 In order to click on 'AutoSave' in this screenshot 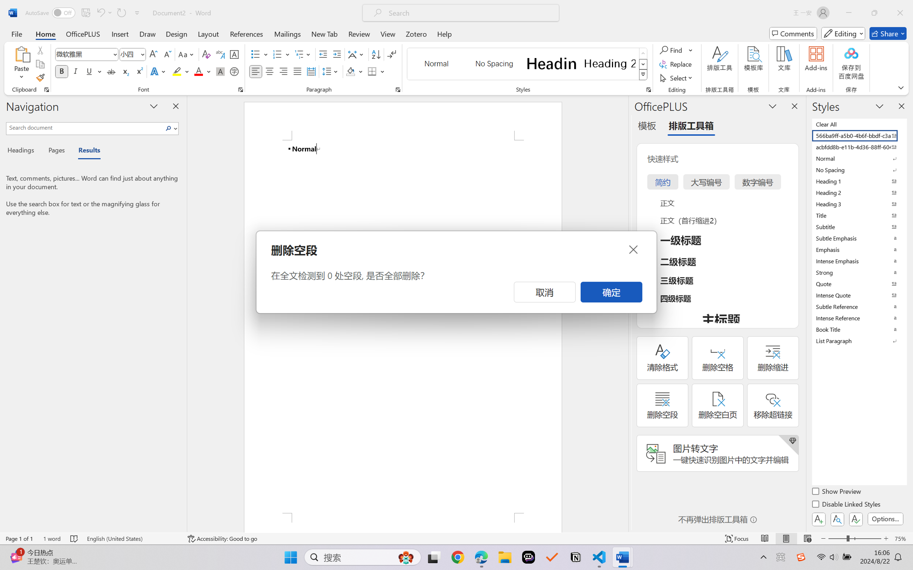, I will do `click(50, 12)`.